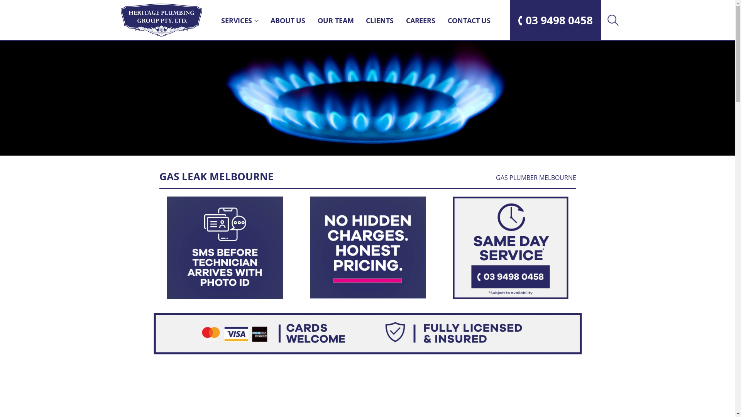 This screenshot has width=741, height=417. I want to click on 'Search', so click(612, 19).